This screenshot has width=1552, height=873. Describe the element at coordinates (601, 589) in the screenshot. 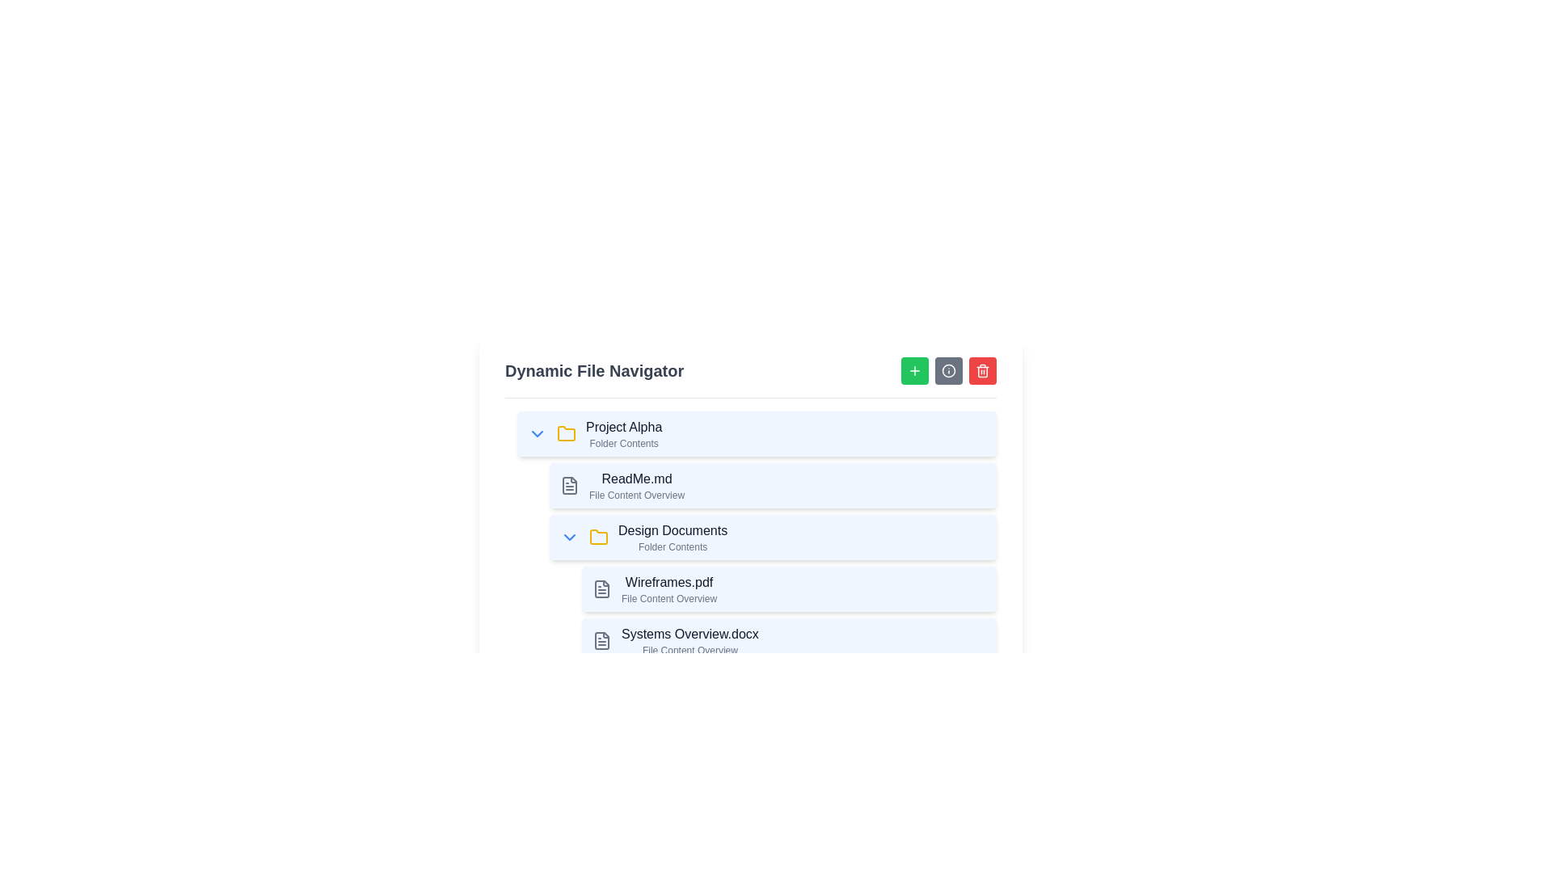

I see `the document file icon, which is a gray rectangular icon with rounded corners` at that location.